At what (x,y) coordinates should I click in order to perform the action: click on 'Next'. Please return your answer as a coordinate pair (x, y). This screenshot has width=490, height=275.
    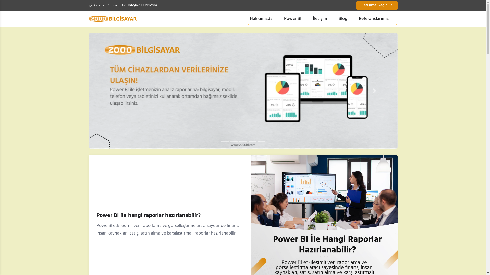
    Looking at the image, I should click on (374, 91).